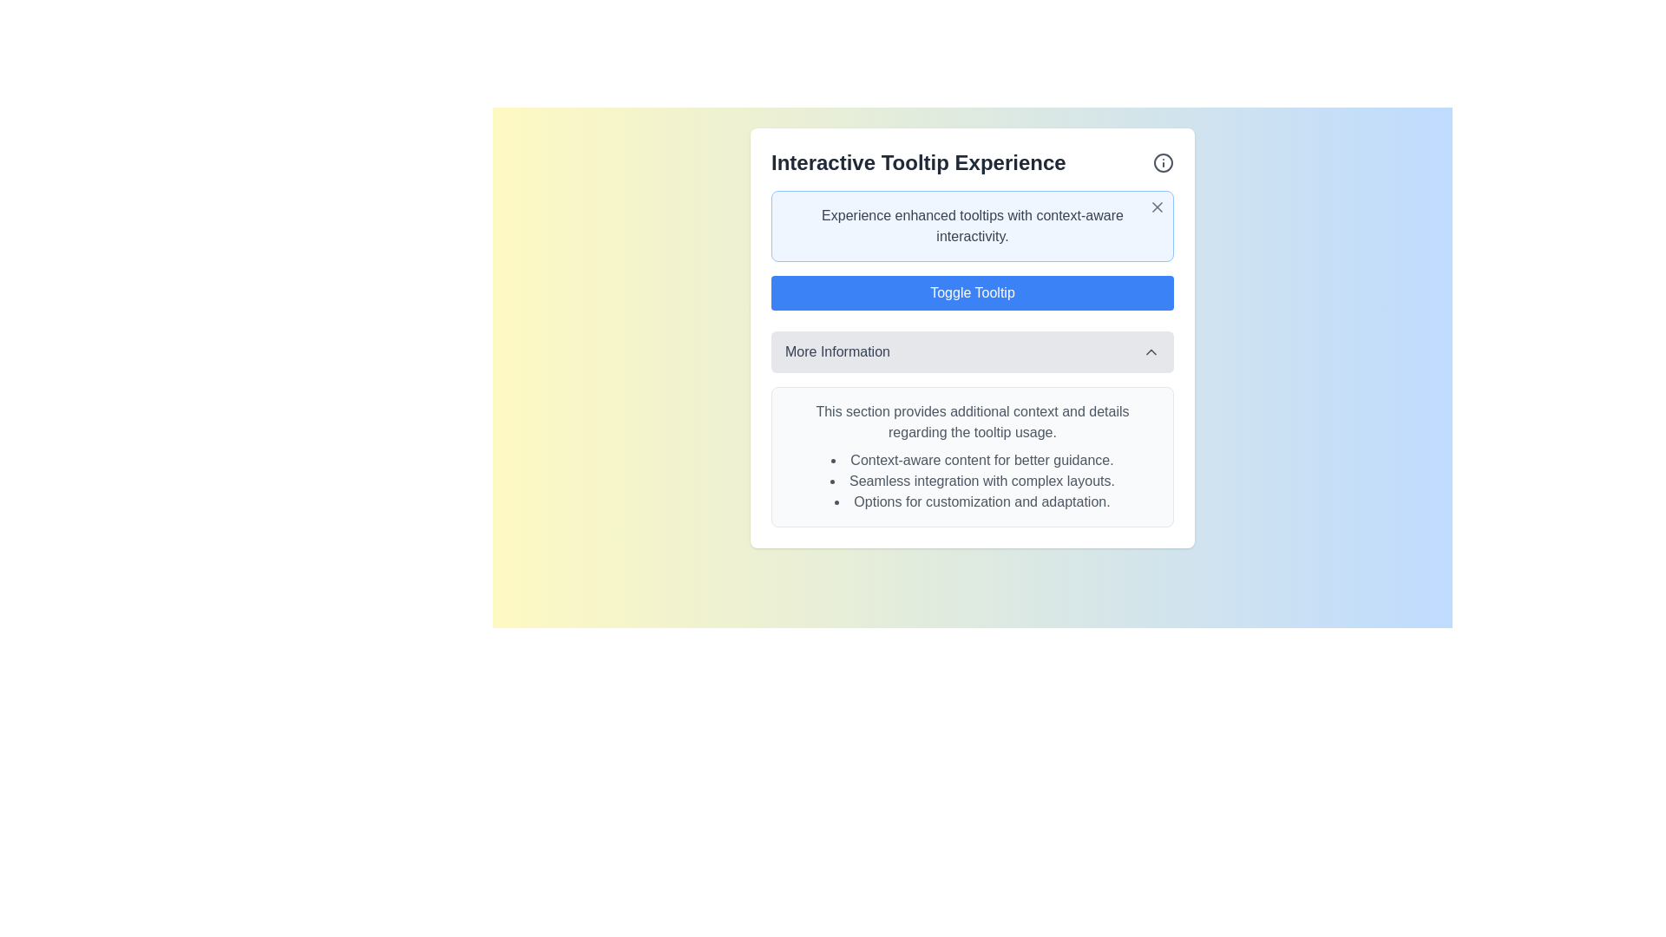 The width and height of the screenshot is (1666, 937). What do you see at coordinates (973, 460) in the screenshot?
I see `the first item in the bulleted list located in the 'More Information' section of the interface` at bounding box center [973, 460].